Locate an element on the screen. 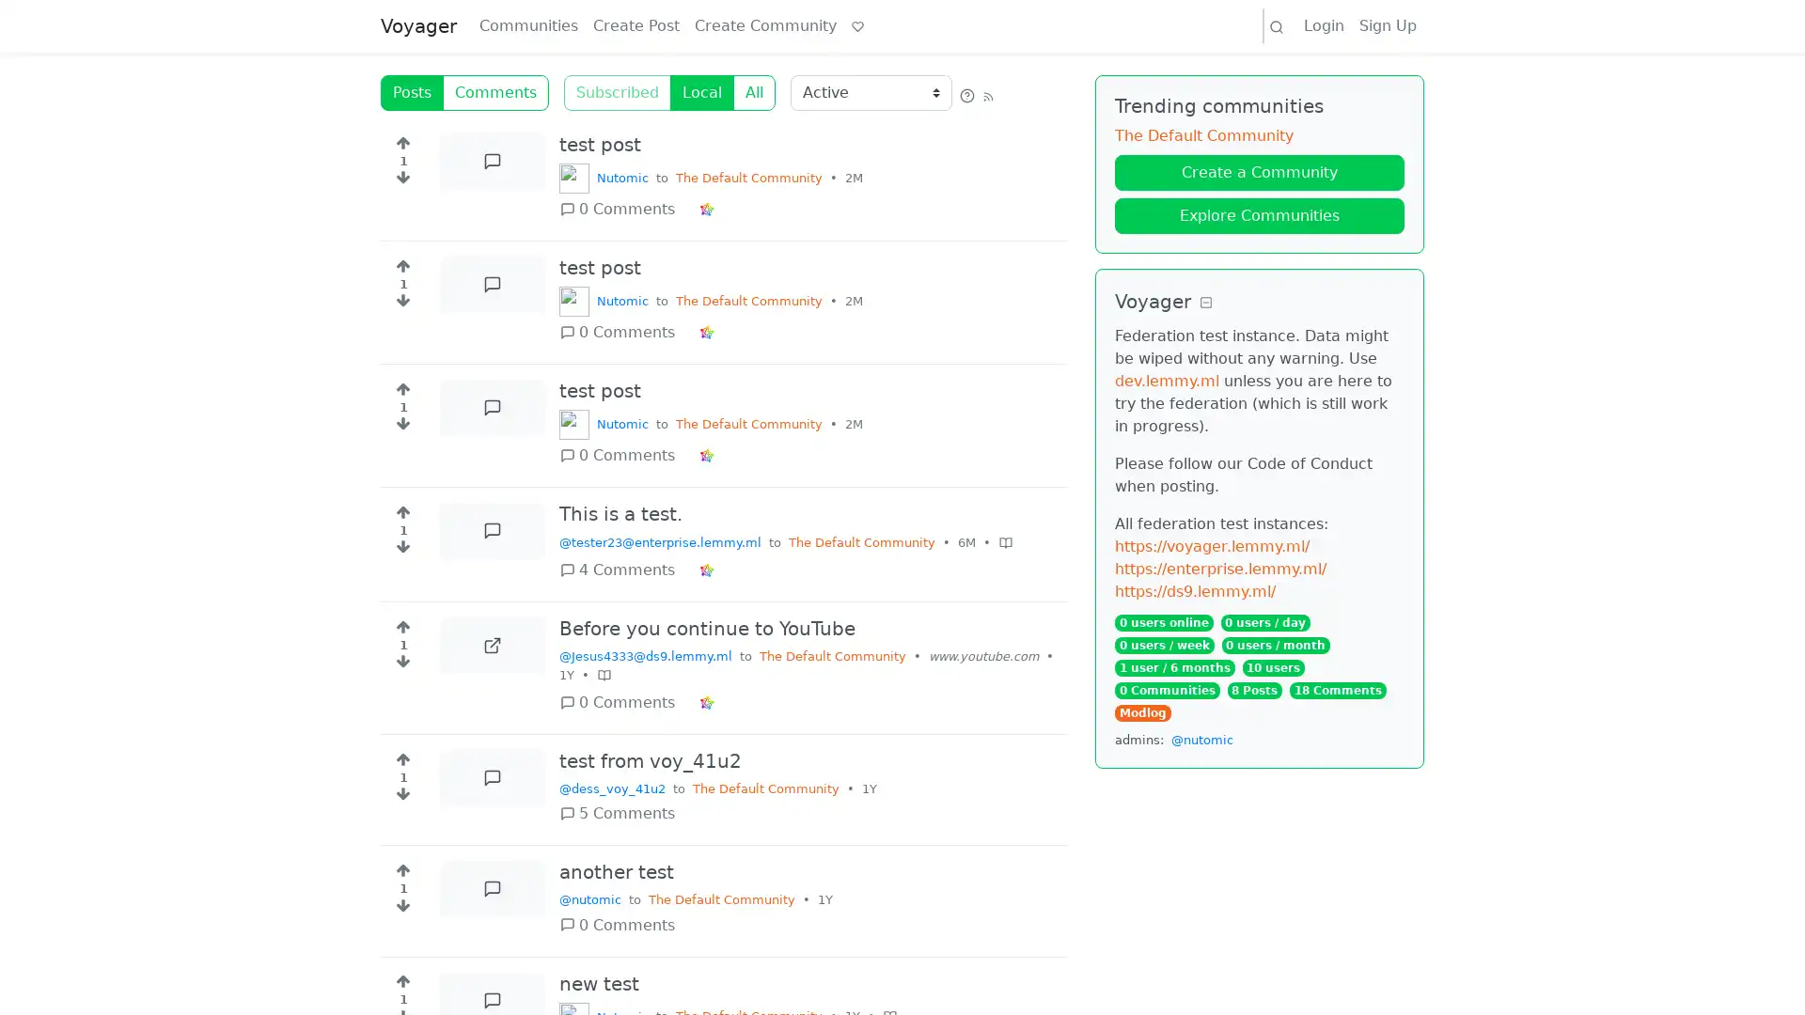 The width and height of the screenshot is (1805, 1015). Downvote is located at coordinates (401, 550).